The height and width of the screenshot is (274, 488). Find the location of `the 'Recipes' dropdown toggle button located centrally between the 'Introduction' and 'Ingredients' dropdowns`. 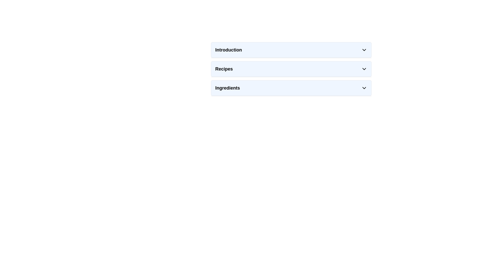

the 'Recipes' dropdown toggle button located centrally between the 'Introduction' and 'Ingredients' dropdowns is located at coordinates (291, 69).